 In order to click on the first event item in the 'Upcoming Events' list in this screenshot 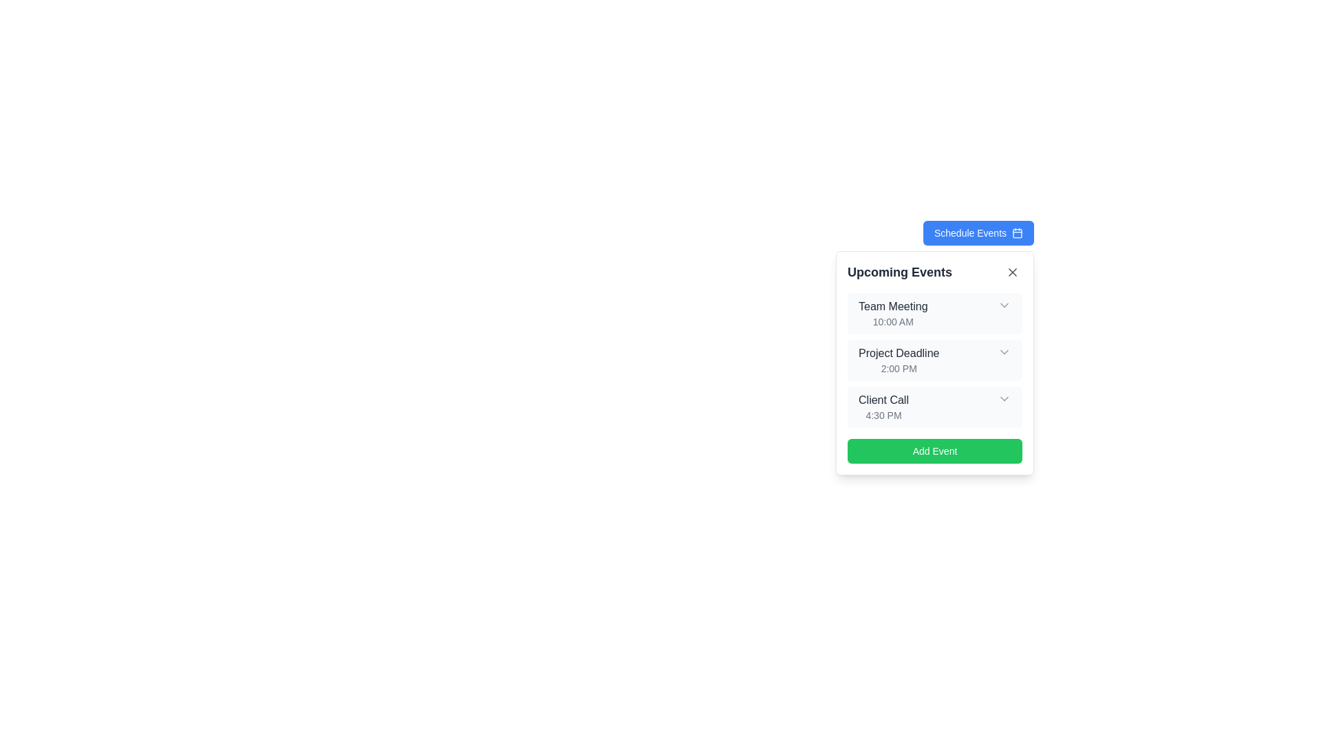, I will do `click(934, 313)`.